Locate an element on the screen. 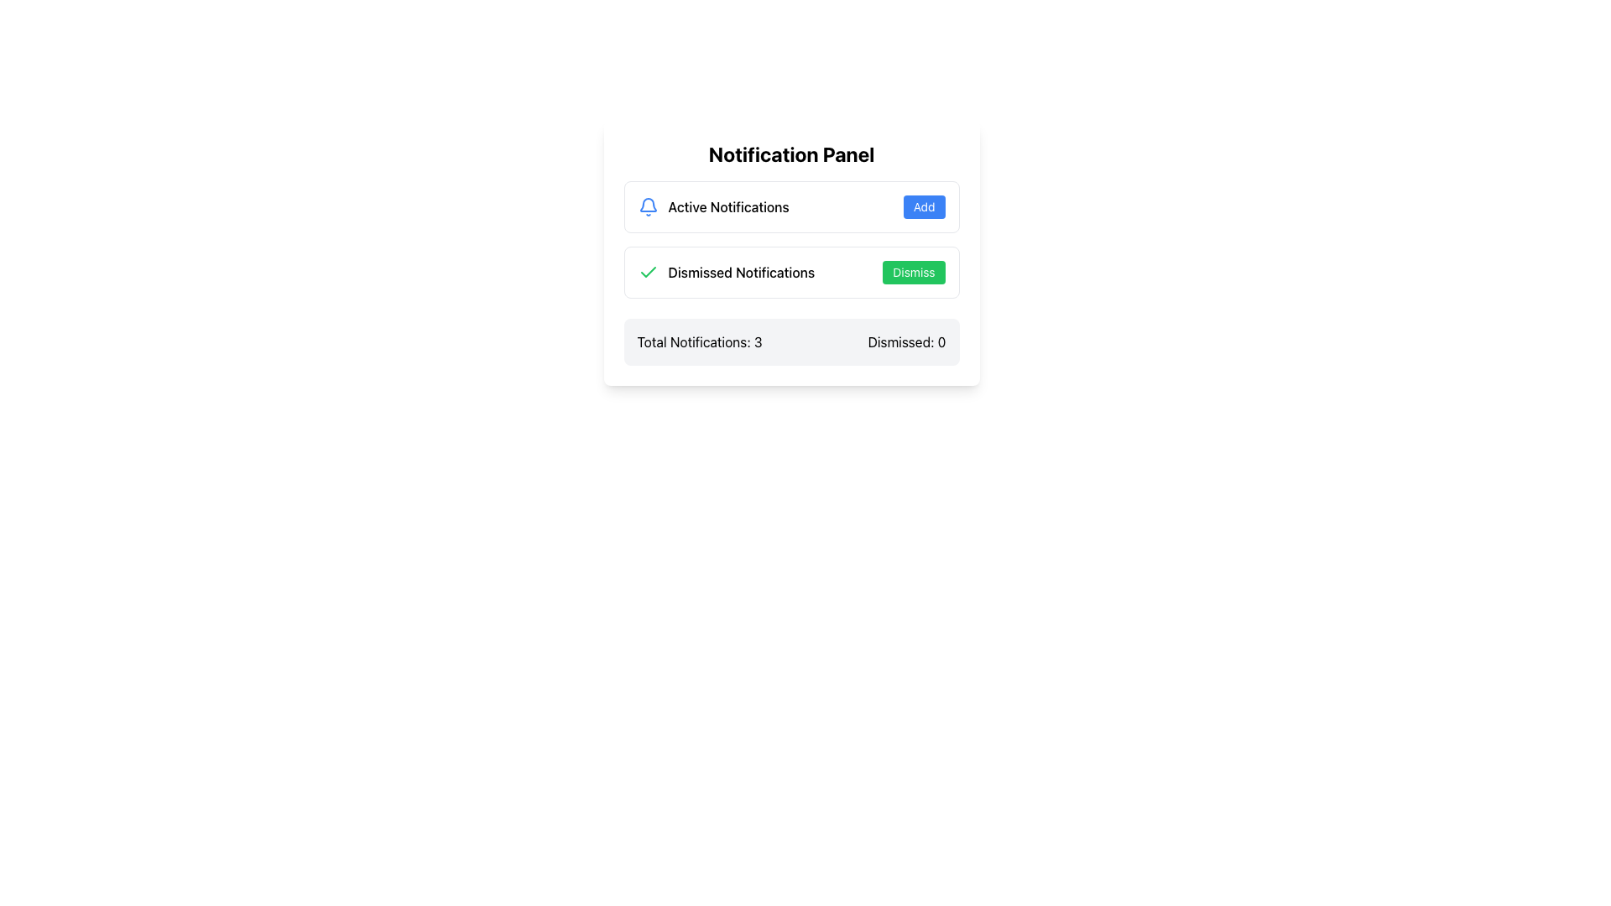  the 'Dismissed Notifications' label with the green checkmark icon located in the notification card is located at coordinates (726, 271).